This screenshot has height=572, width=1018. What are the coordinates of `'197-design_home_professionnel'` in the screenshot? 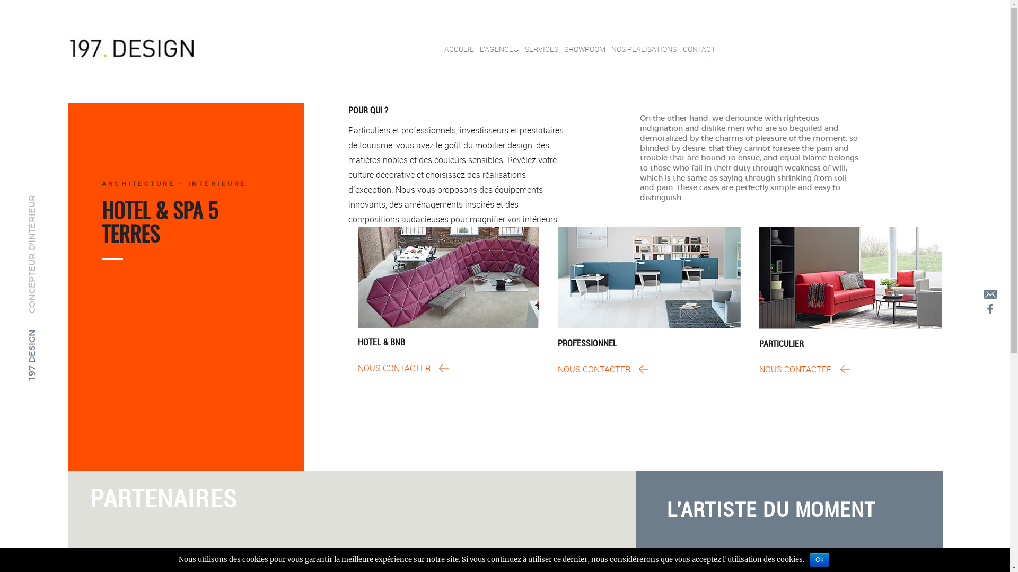 It's located at (648, 277).